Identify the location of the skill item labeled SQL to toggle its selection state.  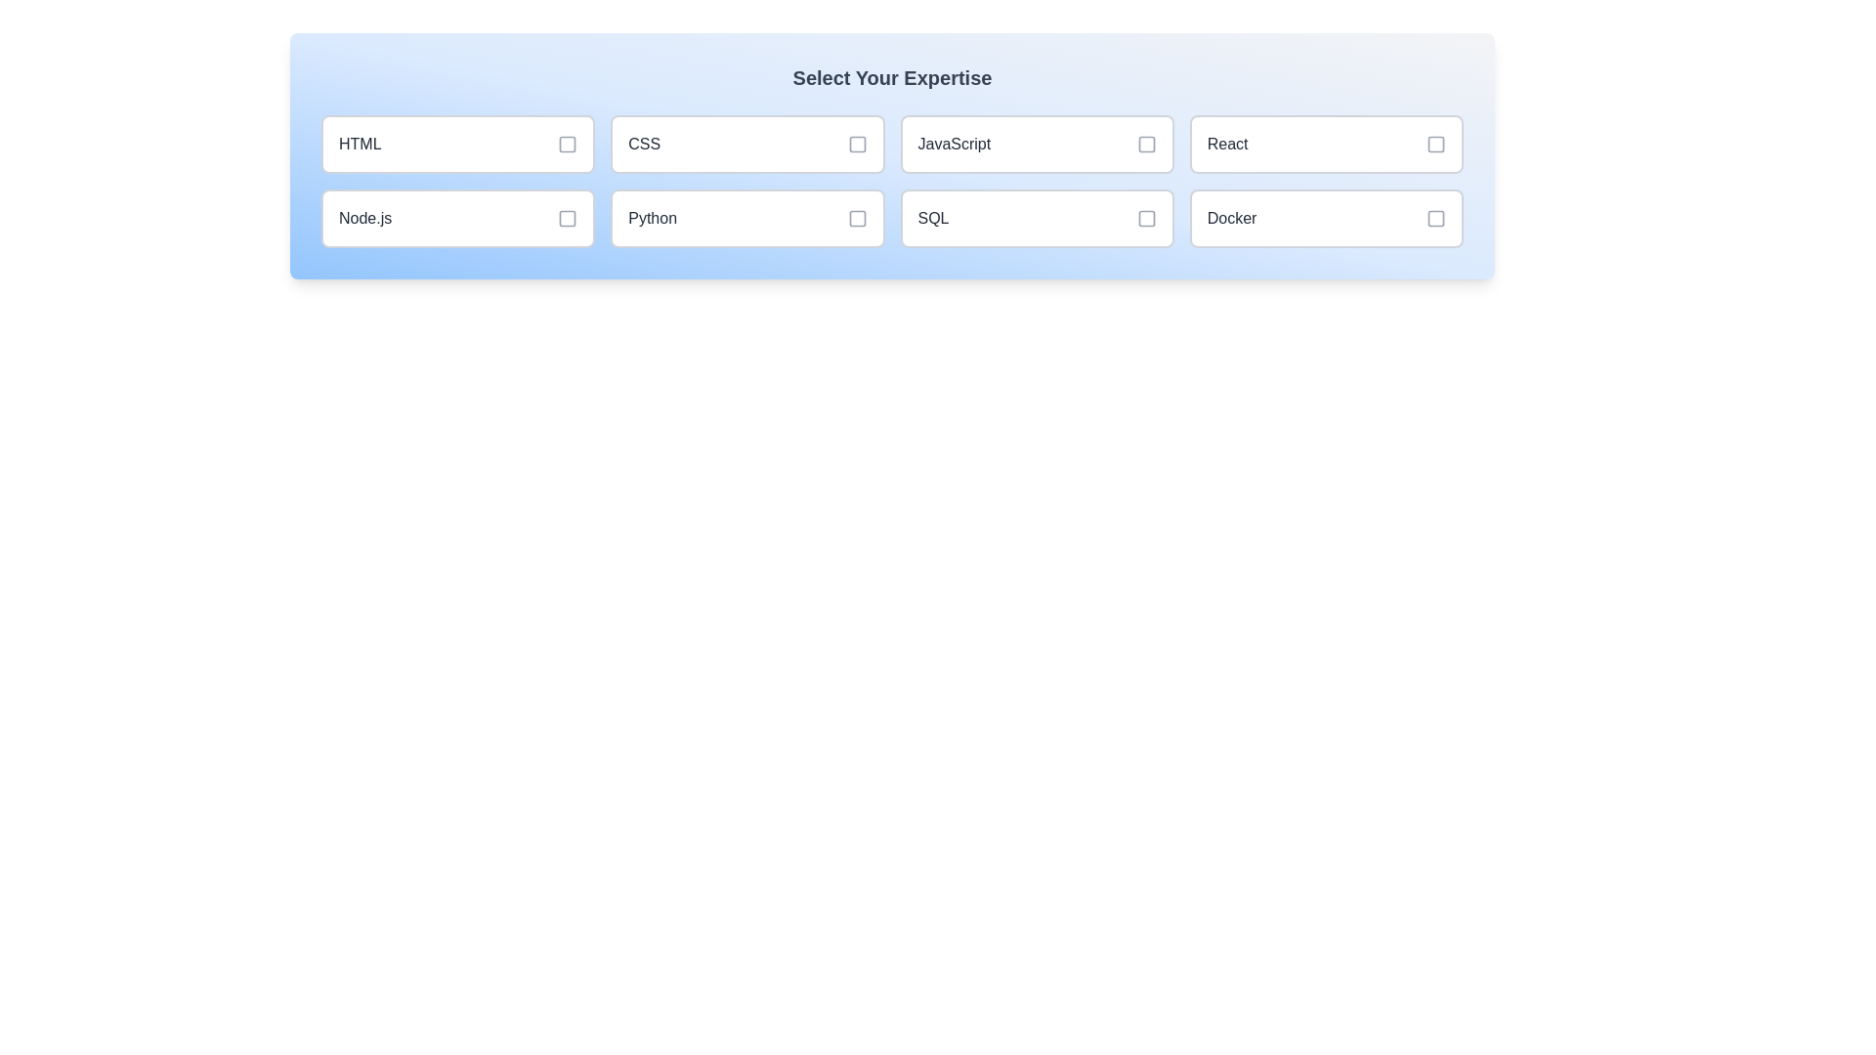
(1035, 218).